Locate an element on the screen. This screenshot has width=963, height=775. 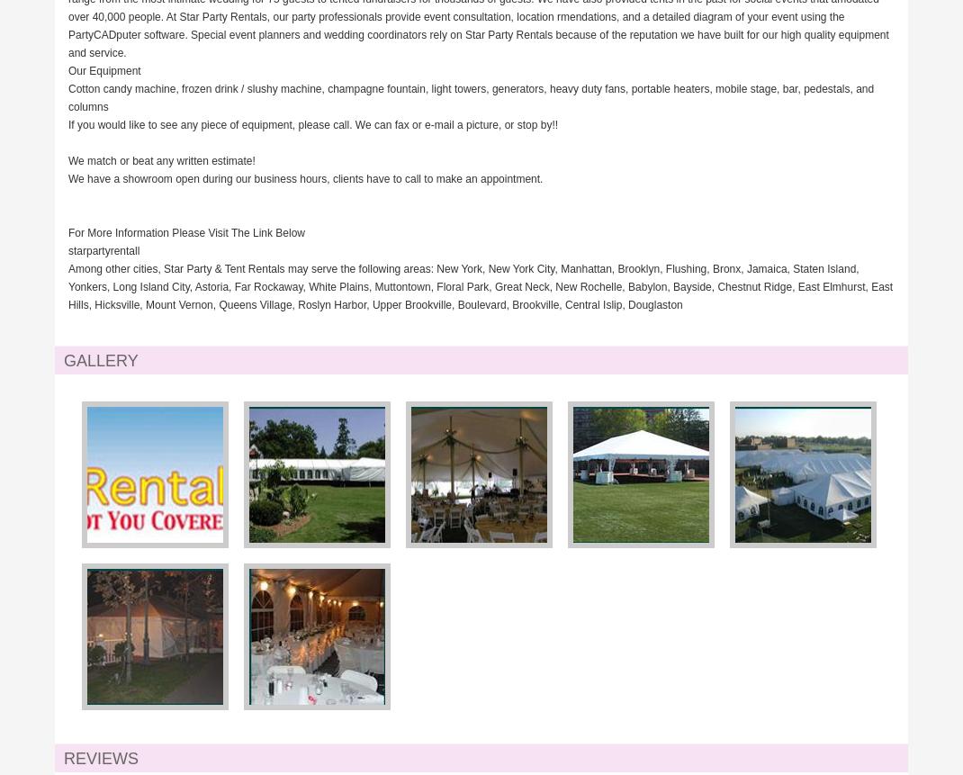
'Cotton candy machine, frozen drink / slushy machine, champagne fountain,  light towers, generators, heavy duty fans, portable heaters, mobile stage, bar, pedestals, and columns' is located at coordinates (471, 97).